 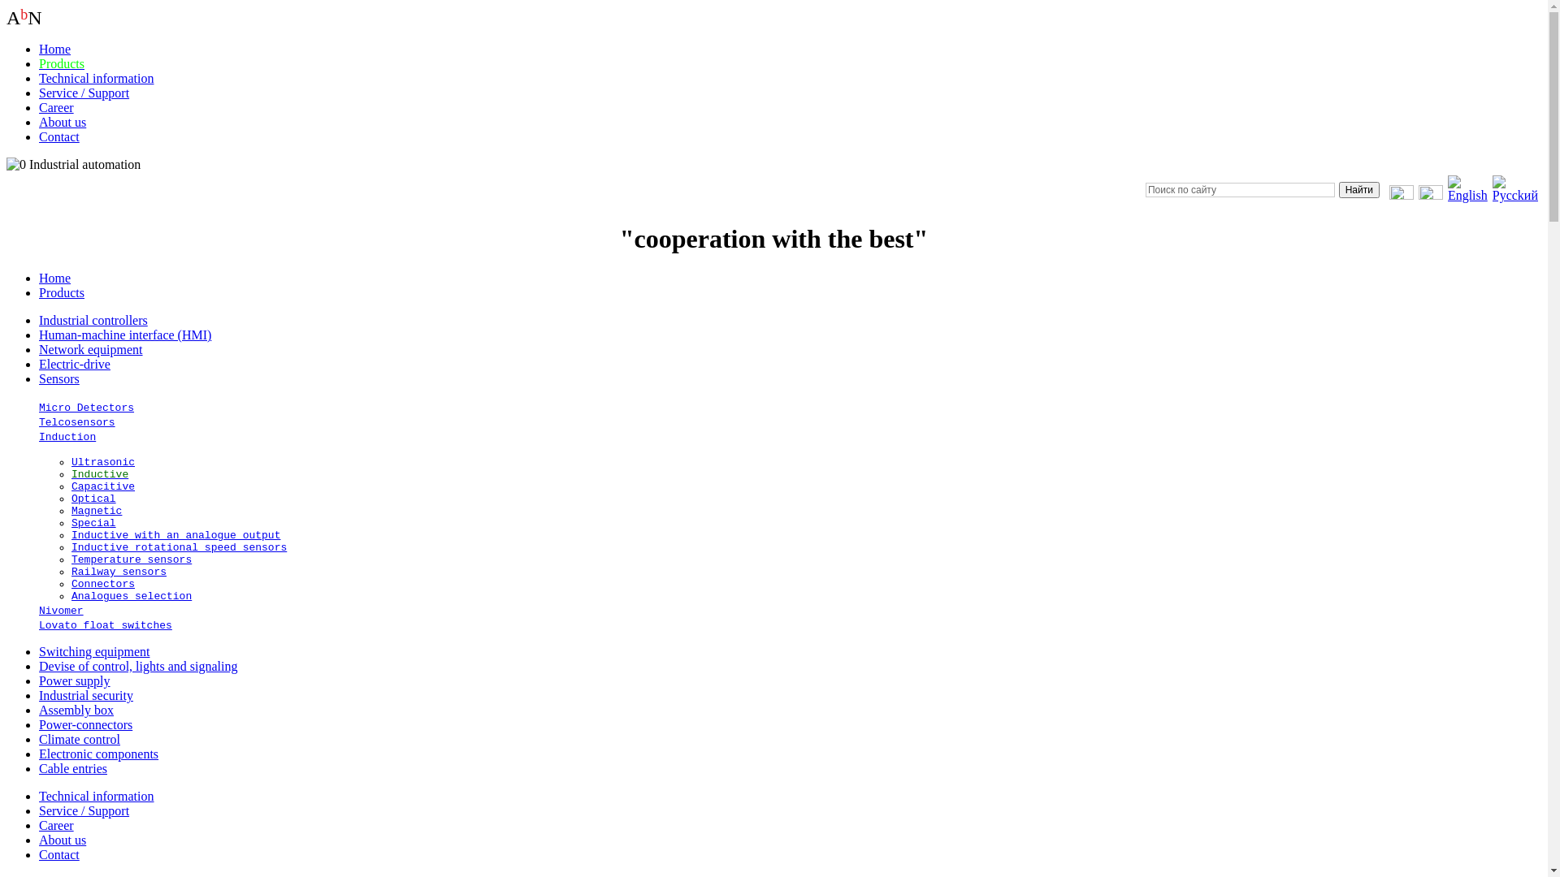 What do you see at coordinates (66, 436) in the screenshot?
I see `'Induction'` at bounding box center [66, 436].